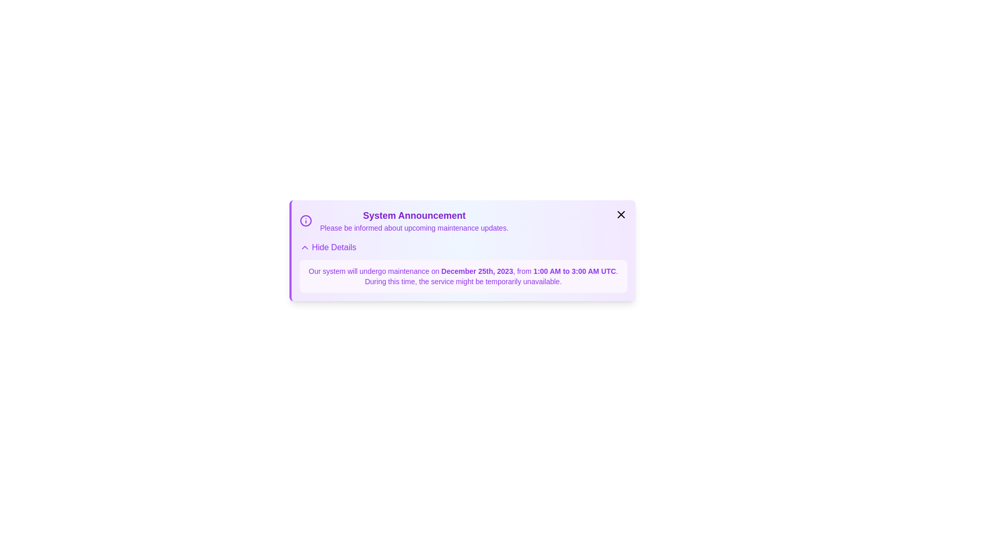 This screenshot has height=556, width=989. Describe the element at coordinates (463, 275) in the screenshot. I see `the static text block containing the announcement message written in purple font on a light purple background, which includes the date and time information` at that location.